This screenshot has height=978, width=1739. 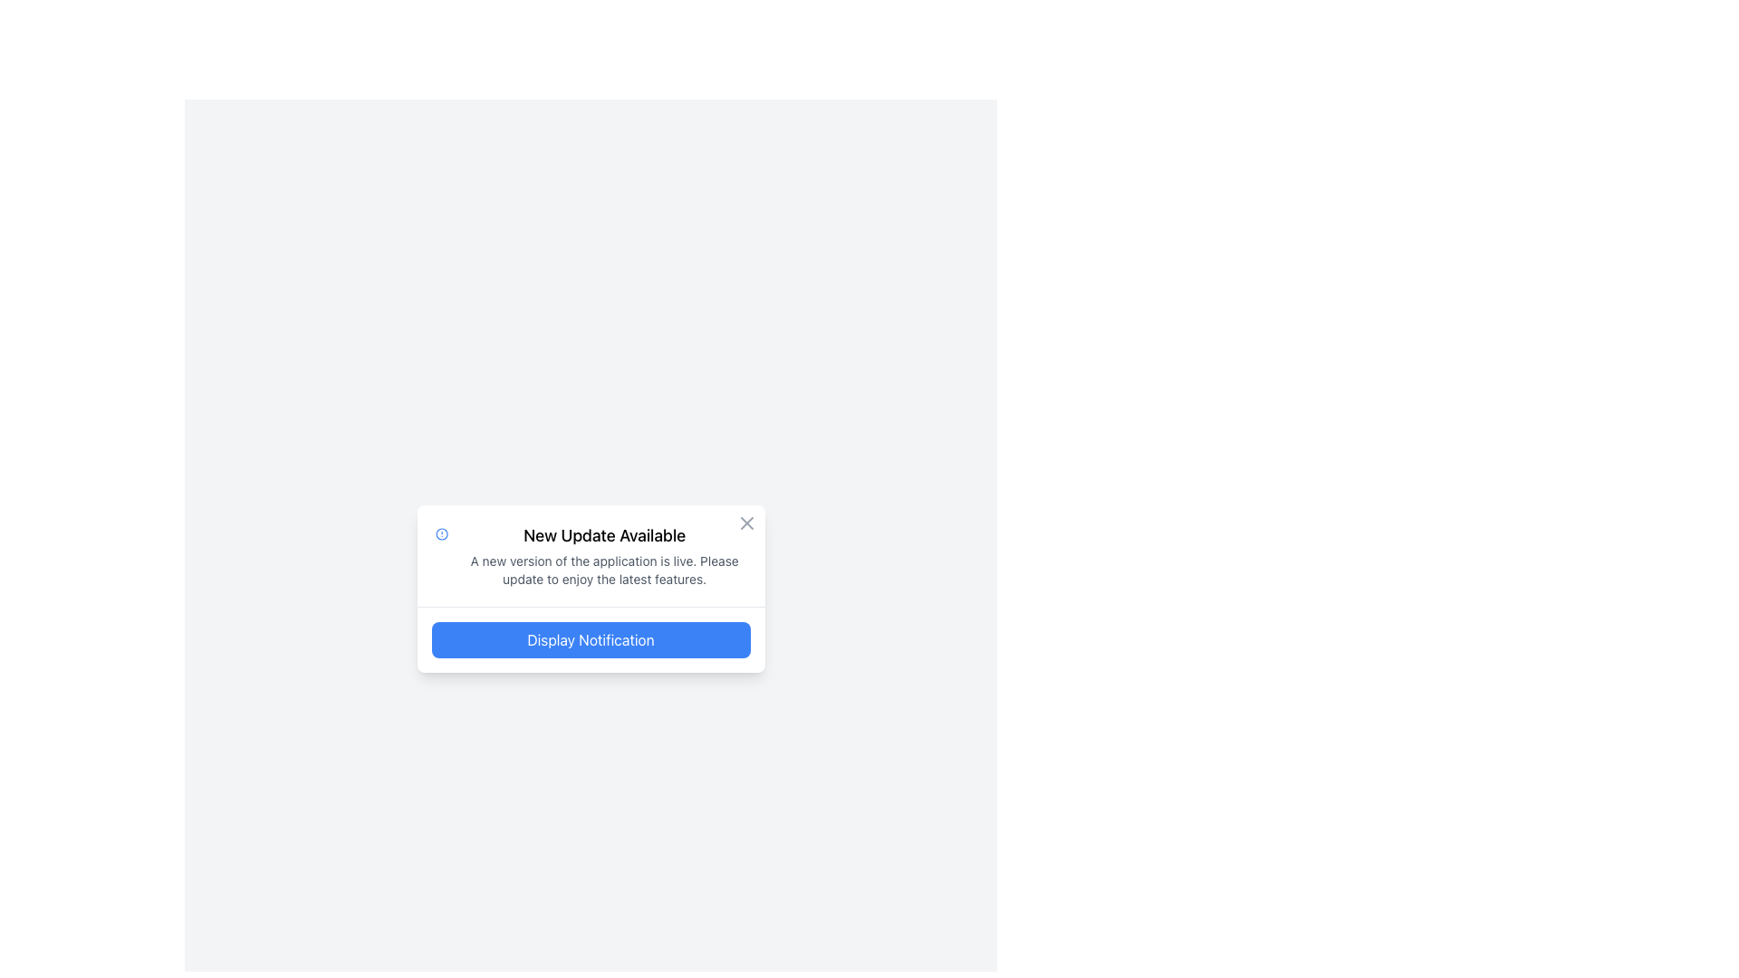 What do you see at coordinates (591, 638) in the screenshot?
I see `the 'Display Notification' button using keyboard navigation` at bounding box center [591, 638].